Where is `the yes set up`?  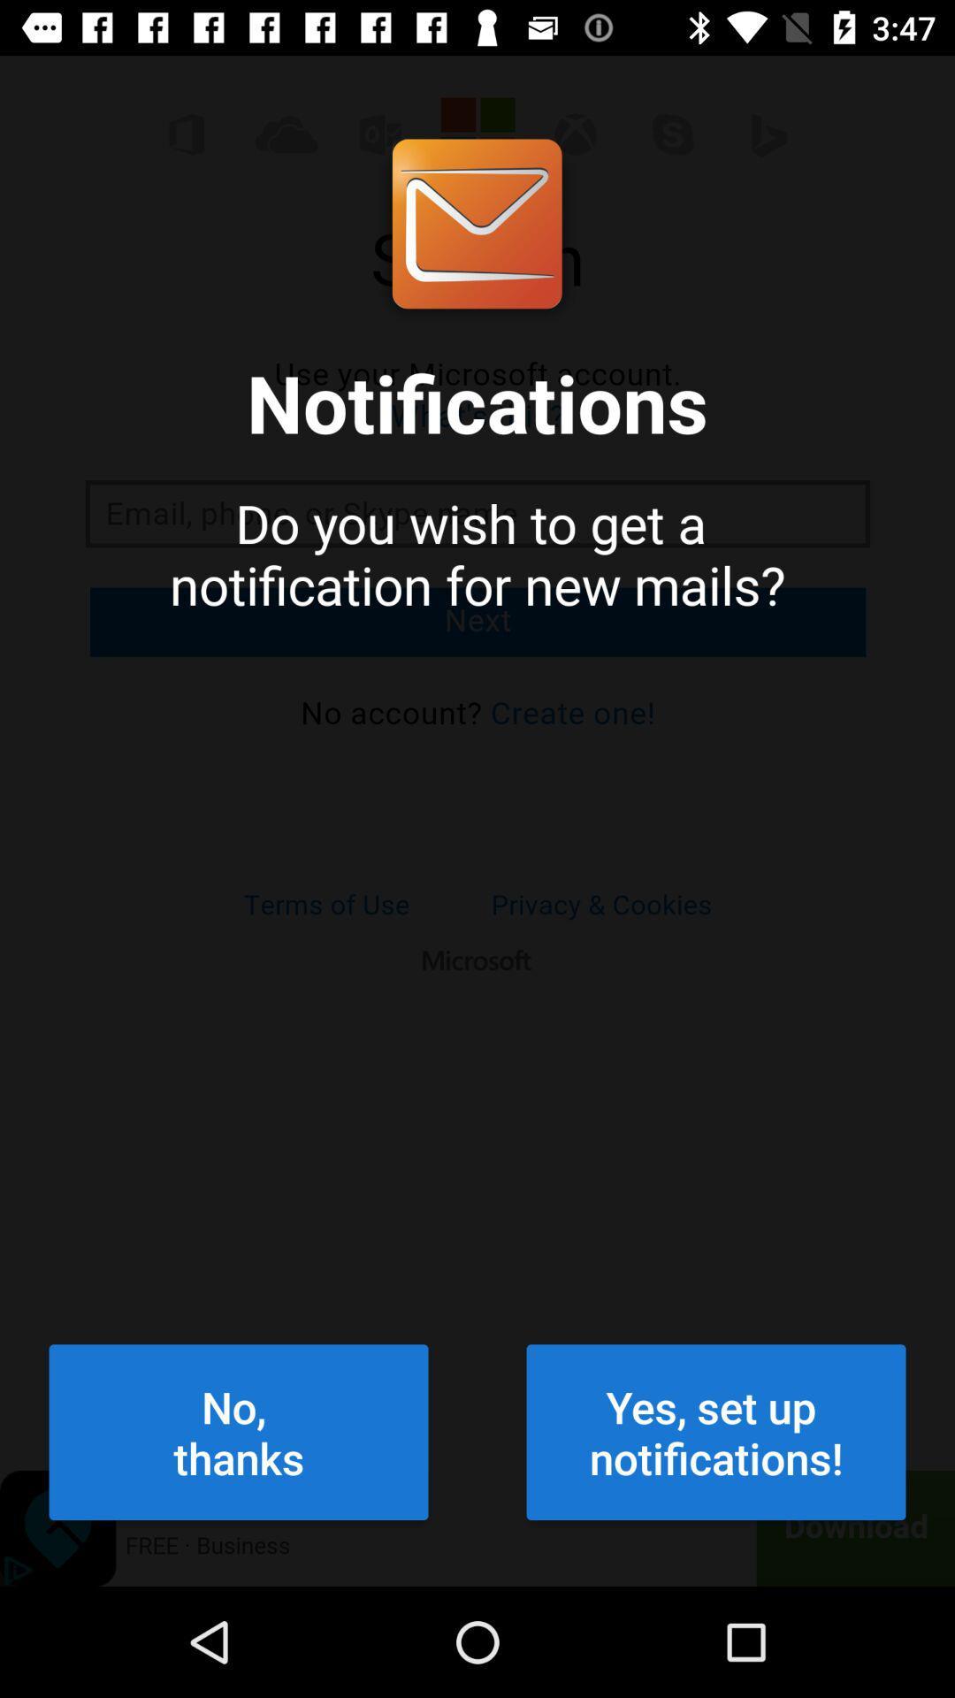
the yes set up is located at coordinates (716, 1432).